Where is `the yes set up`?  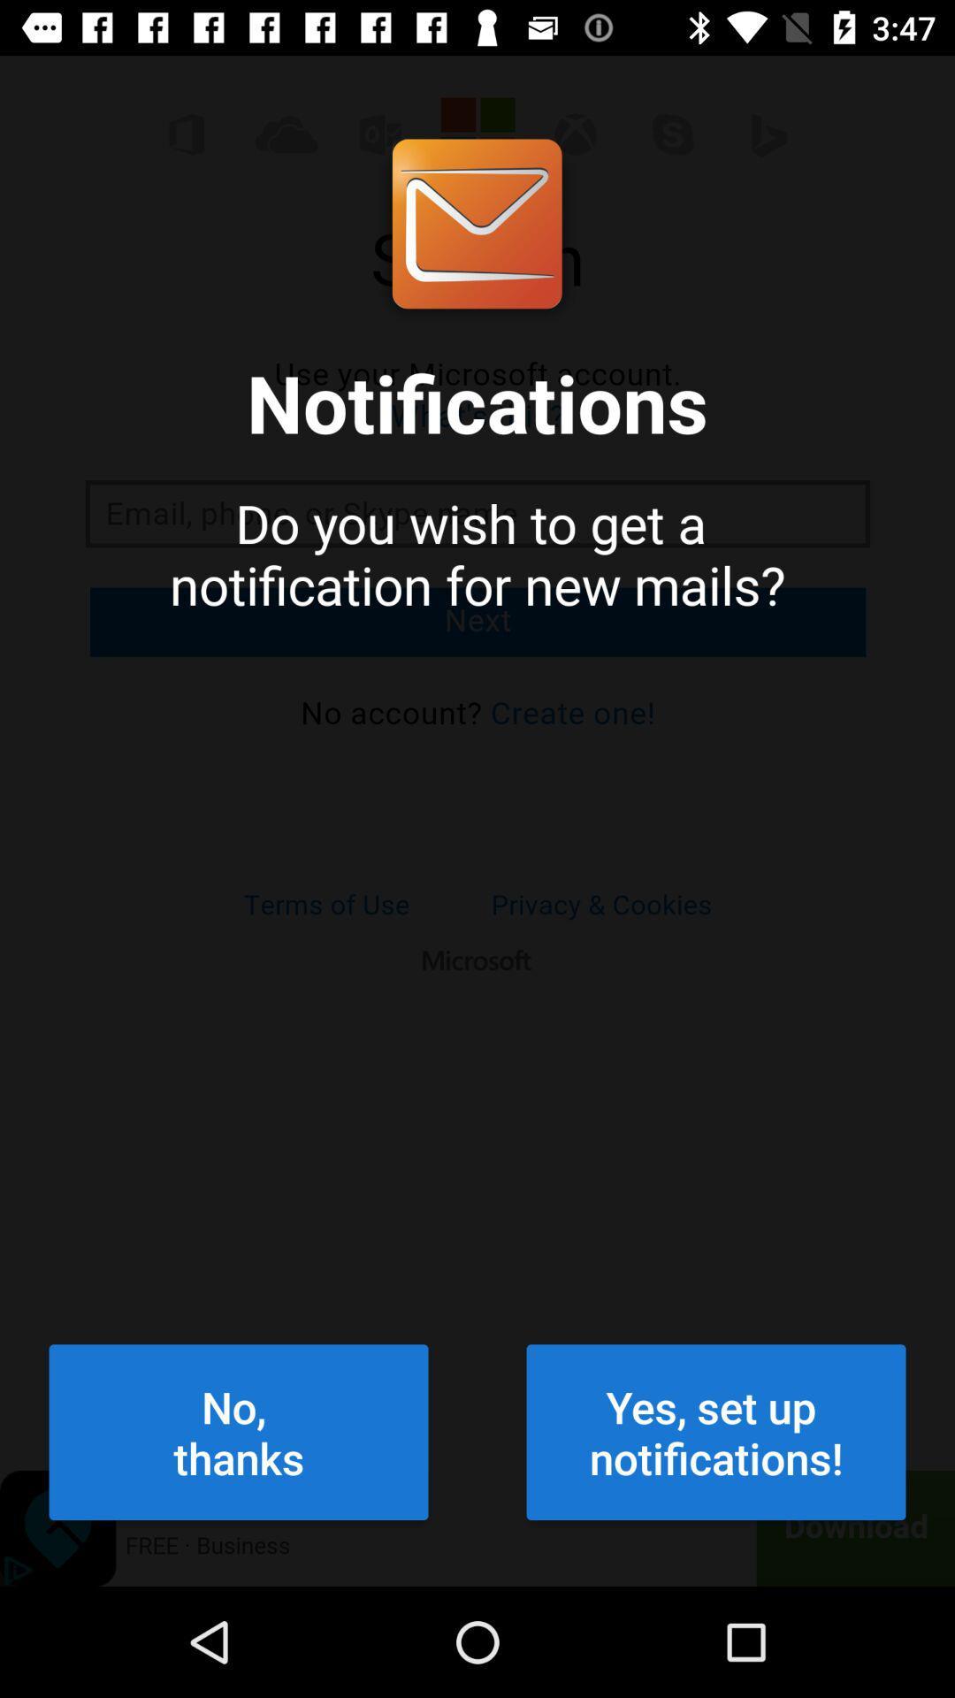
the yes set up is located at coordinates (716, 1432).